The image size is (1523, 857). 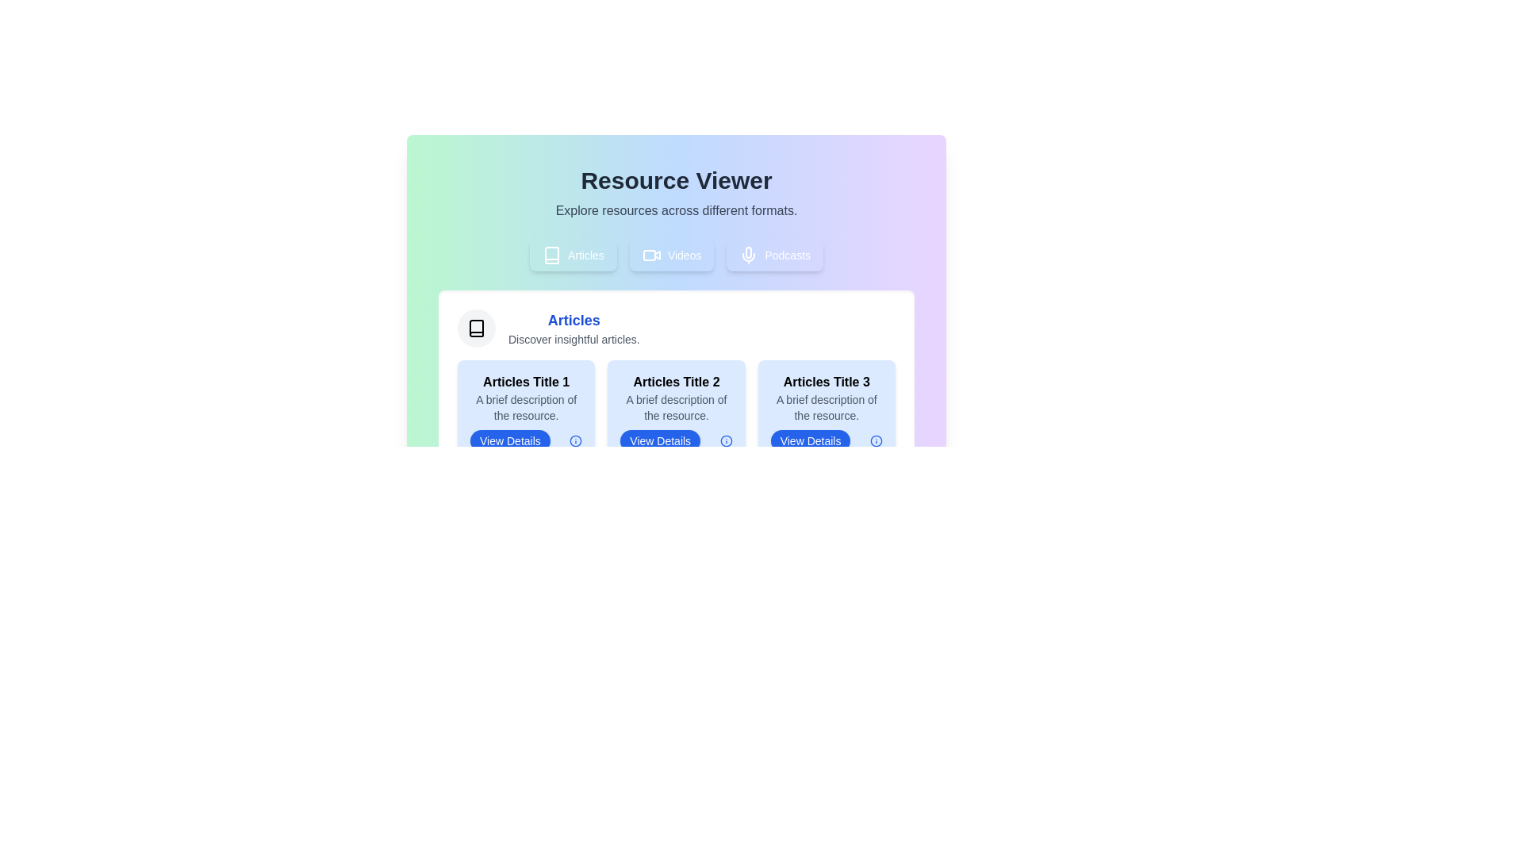 What do you see at coordinates (660, 440) in the screenshot?
I see `the blue rectangular button labeled 'View Details' with rounded corners to observe its hover effects` at bounding box center [660, 440].